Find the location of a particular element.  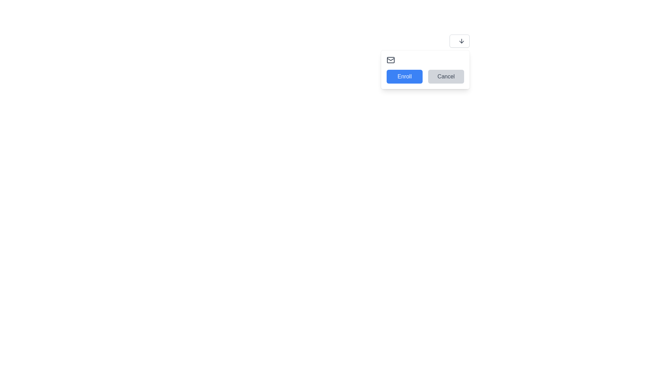

the cancel button, which is located to the right of the 'Enroll' button in the interface is located at coordinates (446, 77).